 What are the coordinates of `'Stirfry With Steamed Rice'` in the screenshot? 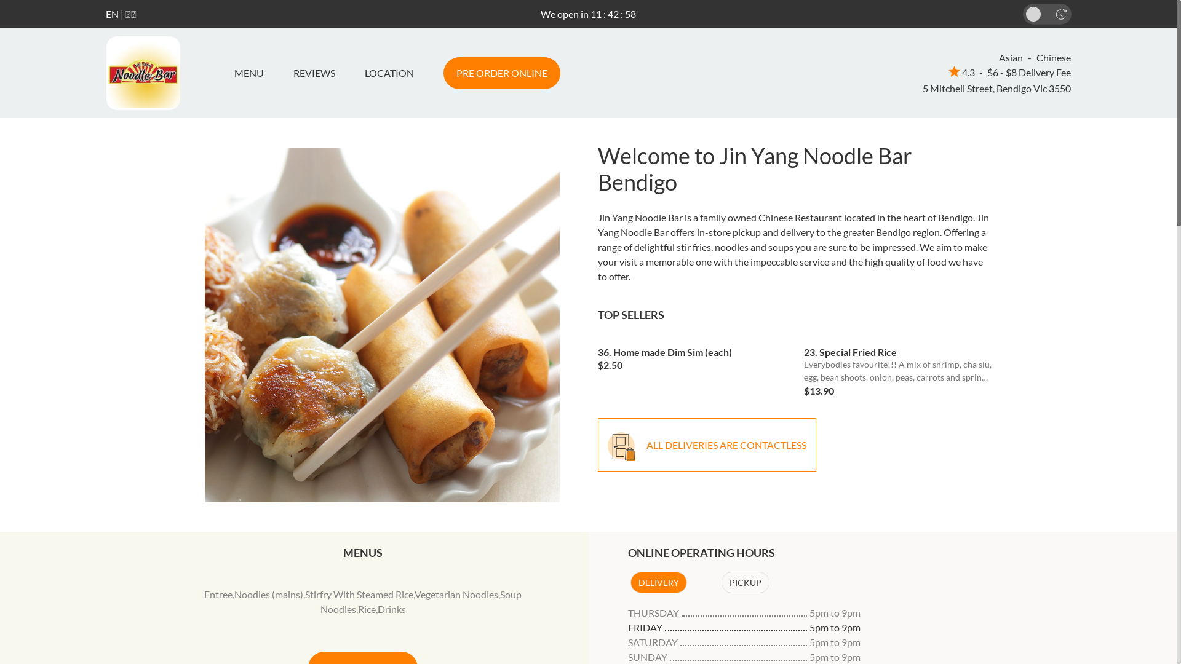 It's located at (359, 593).